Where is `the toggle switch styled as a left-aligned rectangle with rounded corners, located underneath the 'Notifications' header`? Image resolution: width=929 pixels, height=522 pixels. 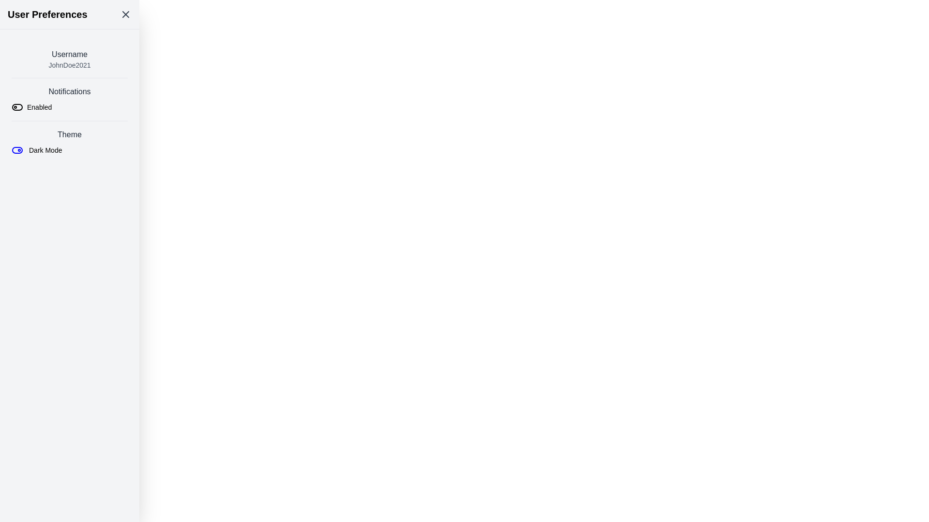 the toggle switch styled as a left-aligned rectangle with rounded corners, located underneath the 'Notifications' header is located at coordinates (17, 107).